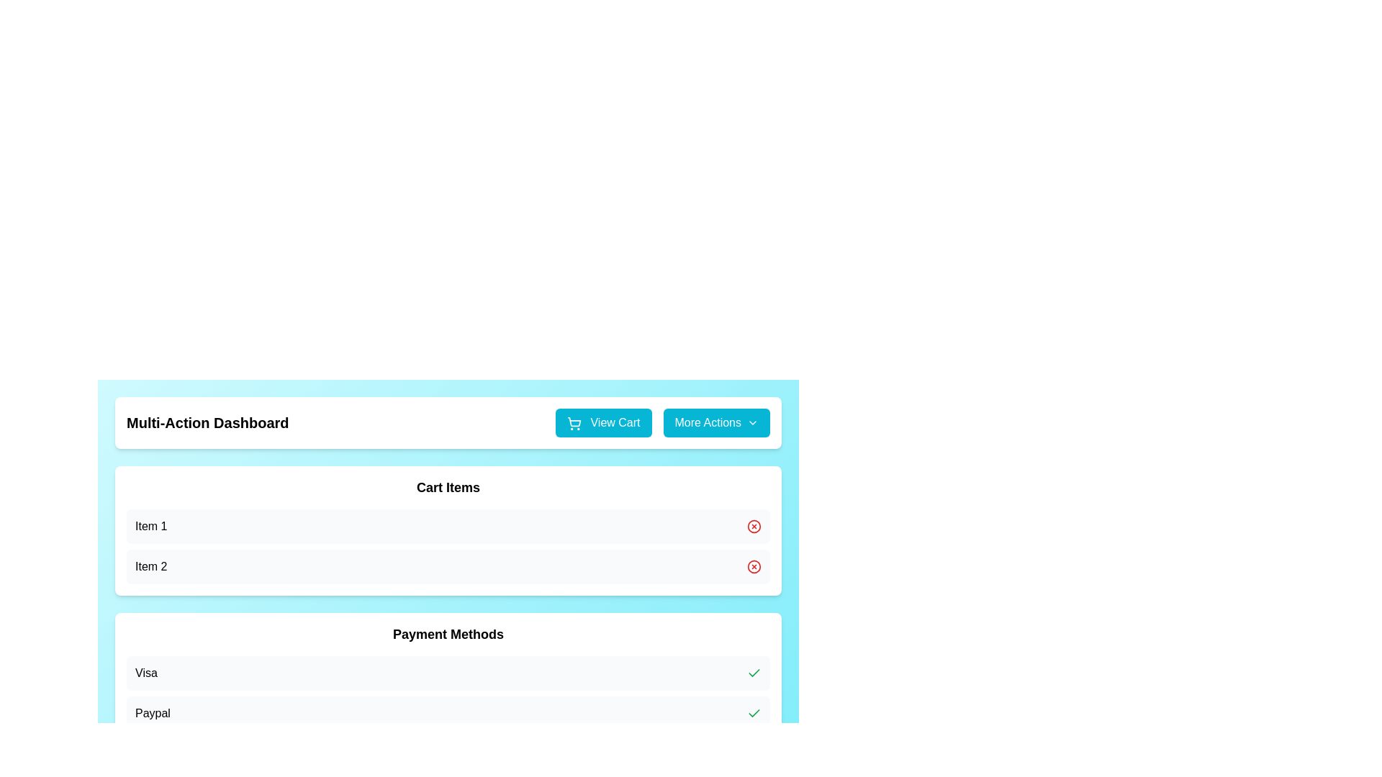 The width and height of the screenshot is (1382, 777). Describe the element at coordinates (207, 422) in the screenshot. I see `the title label that serves as the section identifier, located at the top left of the section, aligned with the interactive buttons` at that location.